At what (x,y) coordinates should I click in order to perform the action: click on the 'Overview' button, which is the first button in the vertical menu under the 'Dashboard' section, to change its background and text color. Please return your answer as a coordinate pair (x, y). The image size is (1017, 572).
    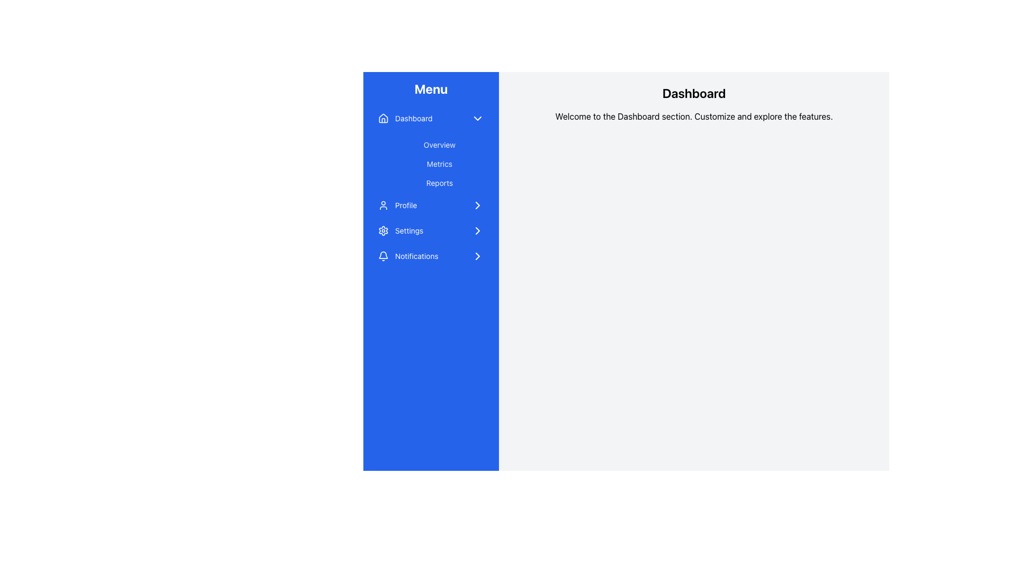
    Looking at the image, I should click on (440, 145).